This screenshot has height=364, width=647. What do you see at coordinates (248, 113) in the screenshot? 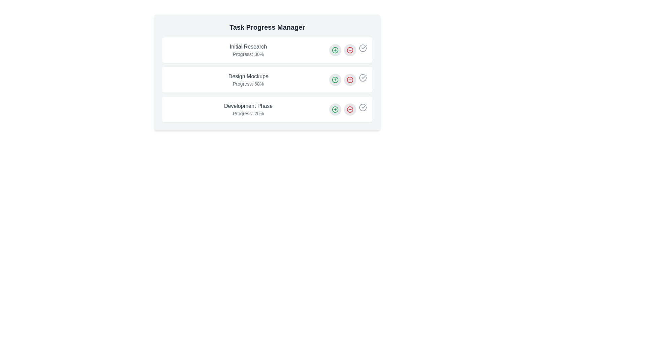
I see `the second text label displaying the progress of the 'Development Phase' task, which indicates that it is 20% complete` at bounding box center [248, 113].